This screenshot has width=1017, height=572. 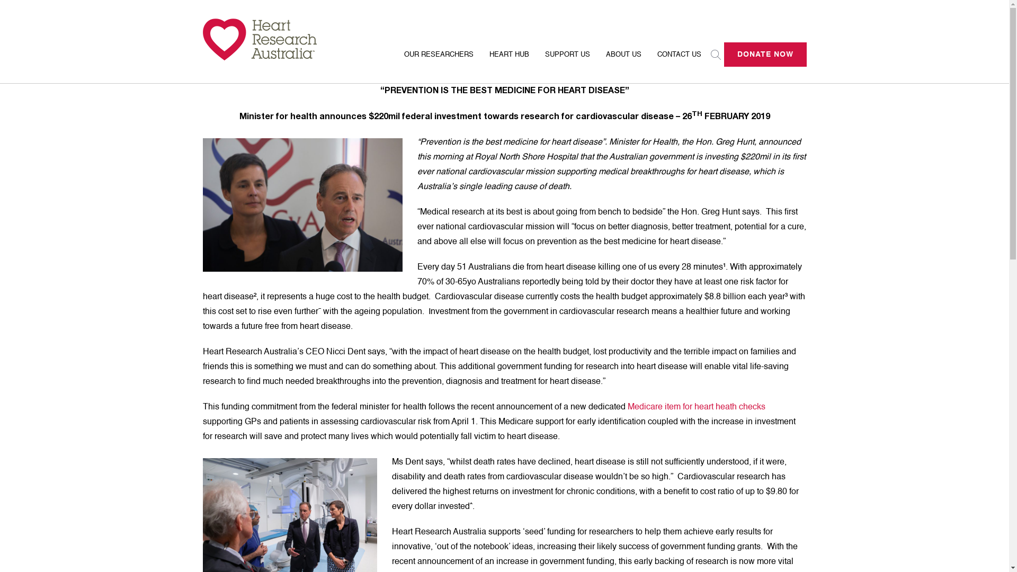 What do you see at coordinates (597, 61) in the screenshot?
I see `'ABOUT US'` at bounding box center [597, 61].